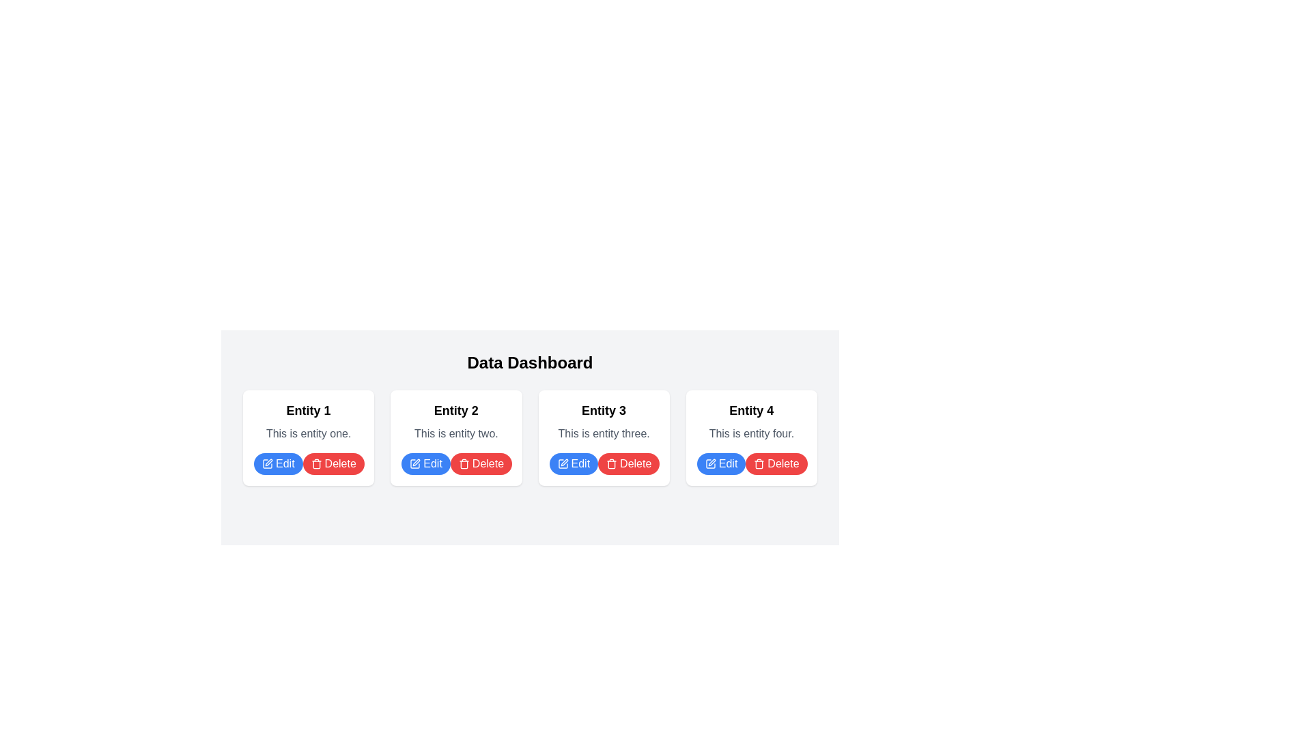 The image size is (1311, 737). What do you see at coordinates (308, 463) in the screenshot?
I see `the red 'Delete' button with a trash can icon located in the bottom section of the card labeled 'Entity 1' to initiate deletion of the item` at bounding box center [308, 463].